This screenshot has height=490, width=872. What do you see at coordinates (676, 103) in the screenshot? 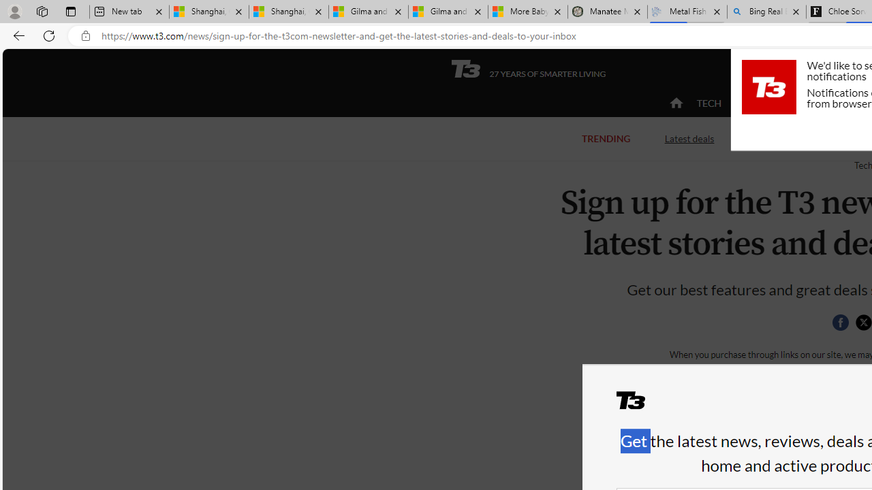
I see `'home'` at bounding box center [676, 103].